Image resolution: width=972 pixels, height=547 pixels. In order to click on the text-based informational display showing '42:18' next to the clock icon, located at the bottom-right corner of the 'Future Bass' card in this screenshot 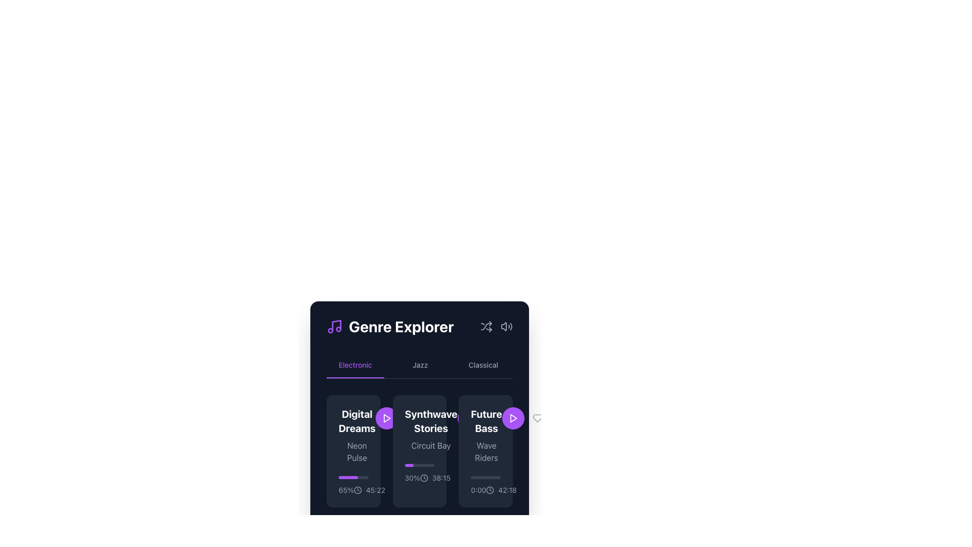, I will do `click(501, 490)`.